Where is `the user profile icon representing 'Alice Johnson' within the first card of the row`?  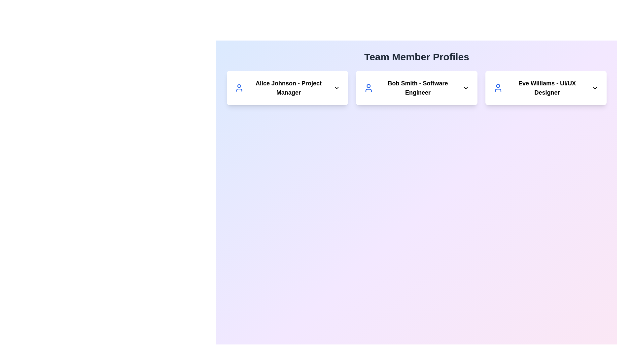 the user profile icon representing 'Alice Johnson' within the first card of the row is located at coordinates (239, 87).